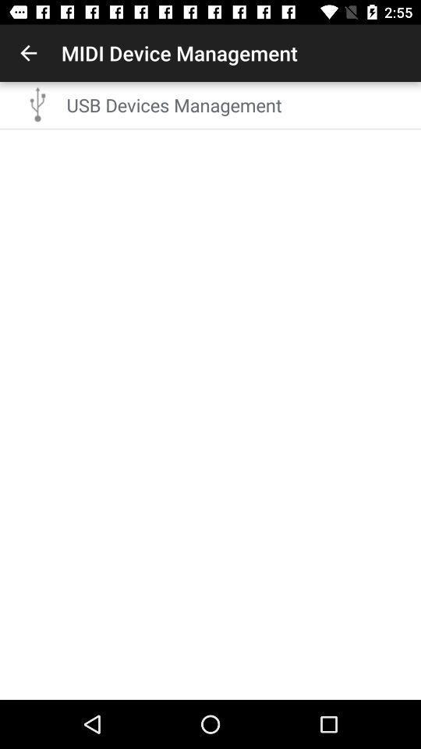  Describe the element at coordinates (38, 104) in the screenshot. I see `the app to the left of usb devices management icon` at that location.